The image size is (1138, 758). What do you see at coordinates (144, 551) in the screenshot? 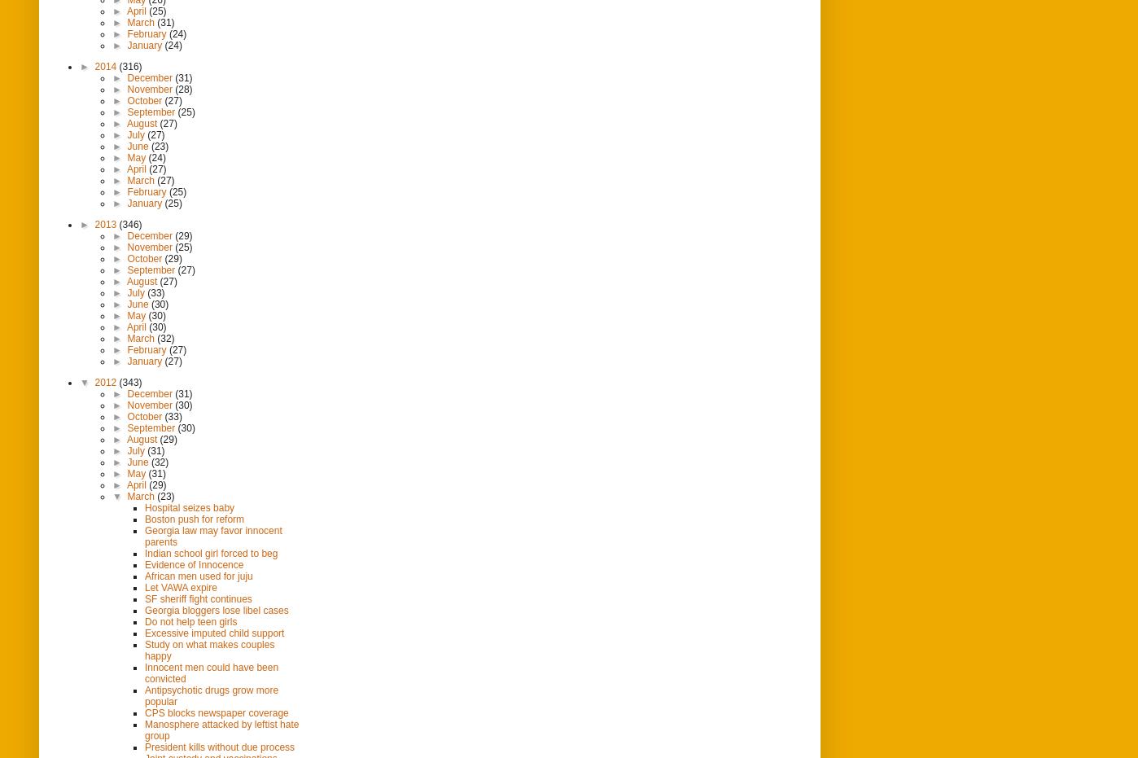
I see `'Indian school girl forced to beg'` at bounding box center [144, 551].